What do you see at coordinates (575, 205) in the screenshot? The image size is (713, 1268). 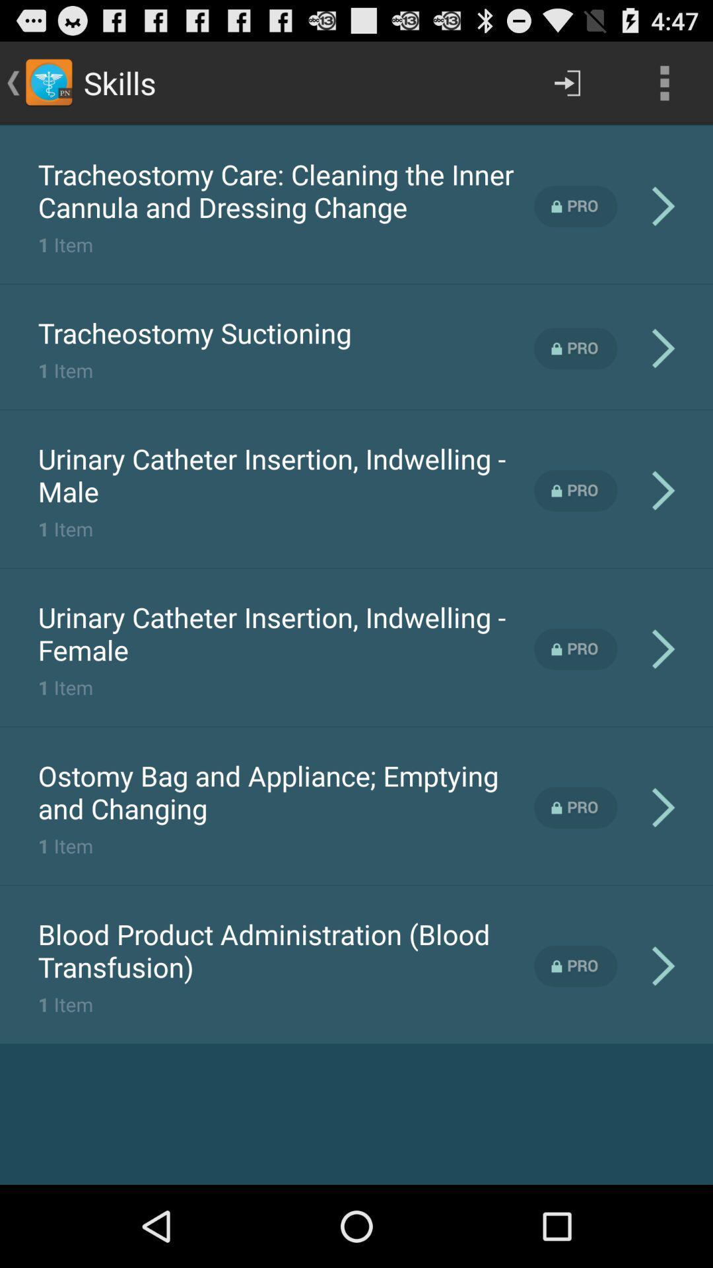 I see `unlock content` at bounding box center [575, 205].